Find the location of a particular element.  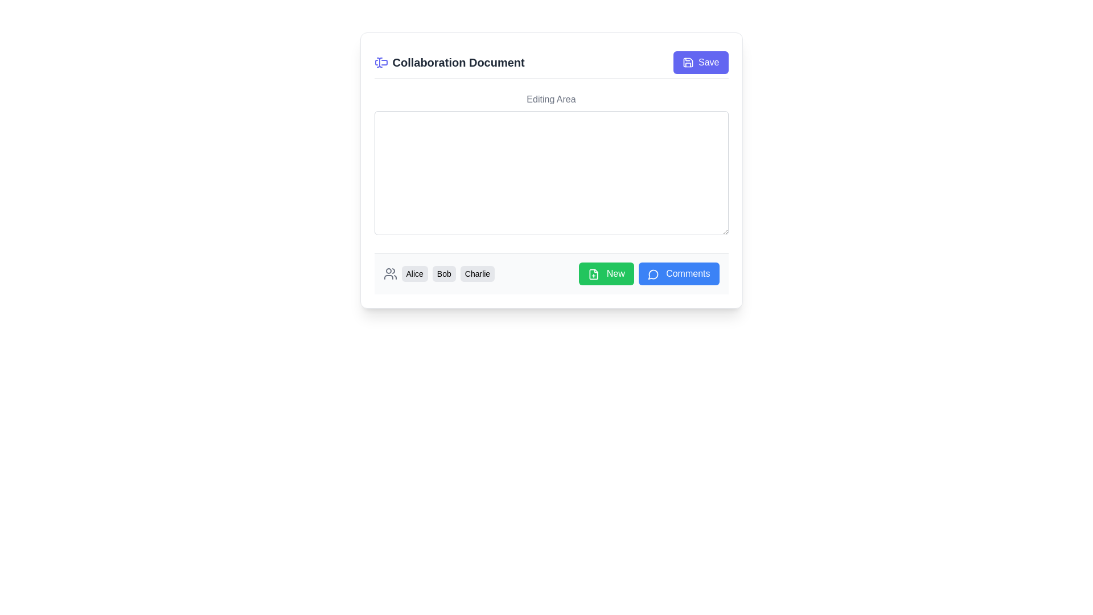

the modern green button icon located next to the text 'New' at the bottom center of the interface is located at coordinates (593, 274).